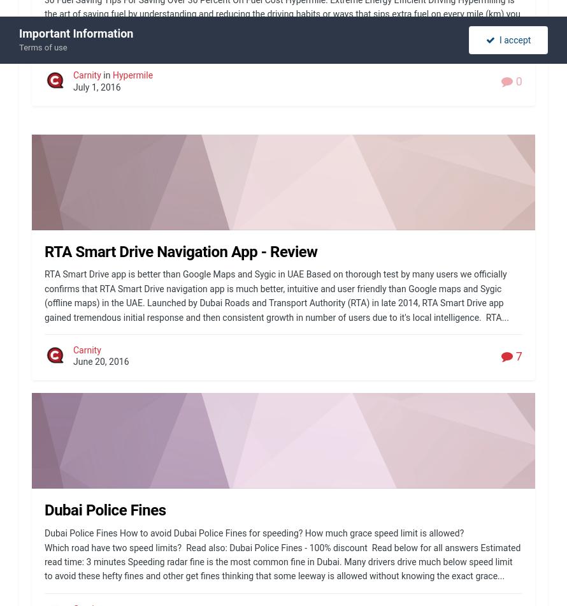 The width and height of the screenshot is (567, 606). Describe the element at coordinates (517, 80) in the screenshot. I see `'0'` at that location.